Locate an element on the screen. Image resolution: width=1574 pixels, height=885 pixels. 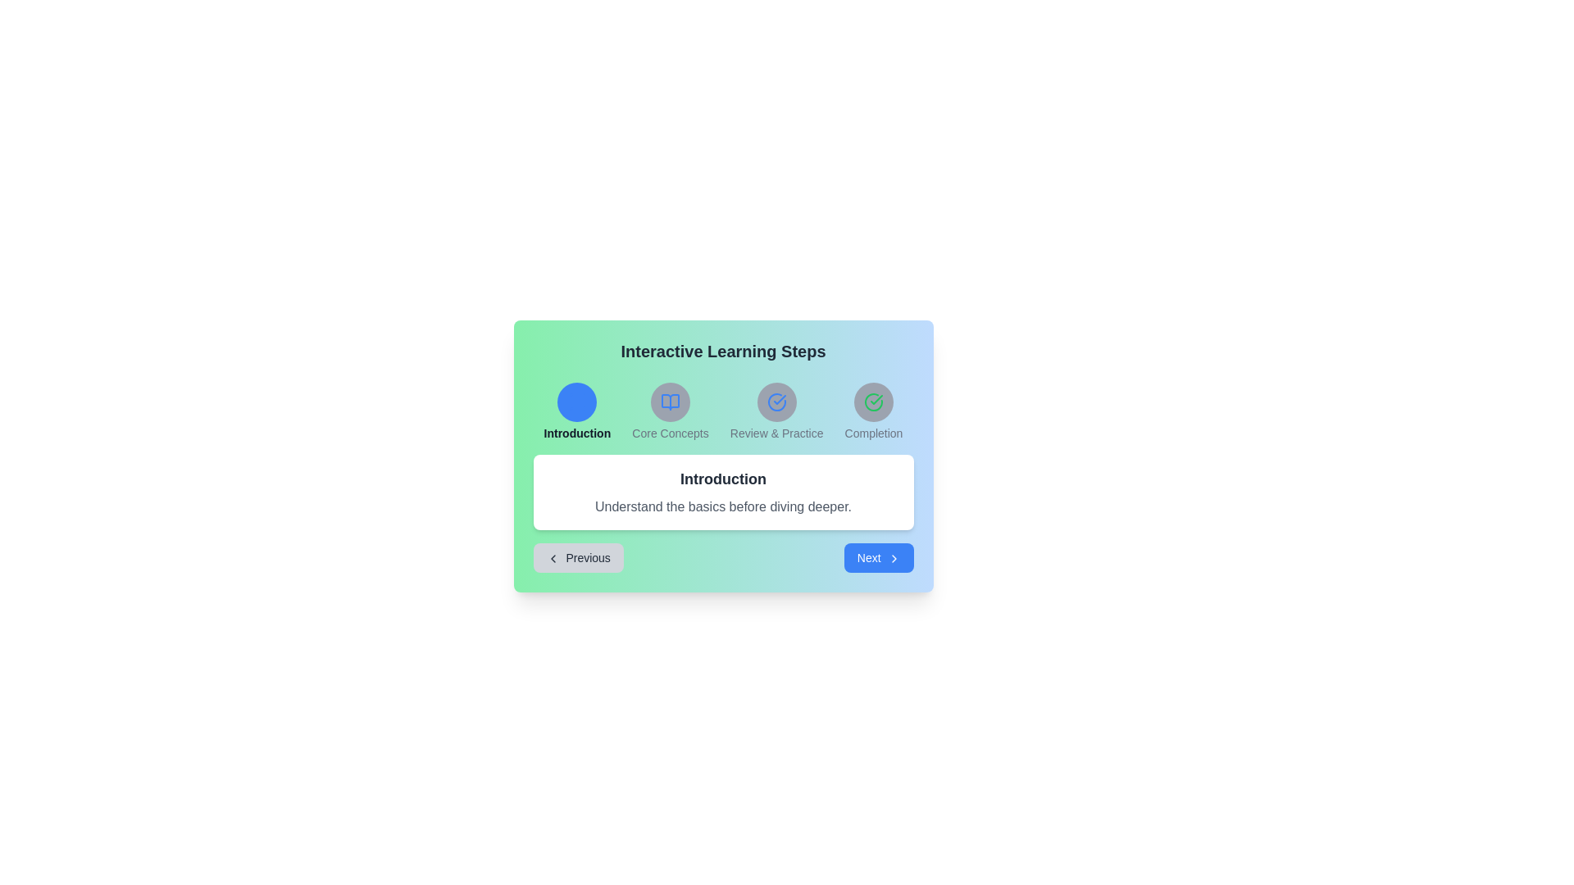
'Review & Practice' text label, which is the third text label in a row of four beneath circular icons, located in the center area of a card layout beneath the heading 'Interactive Learning Steps' is located at coordinates (776, 432).